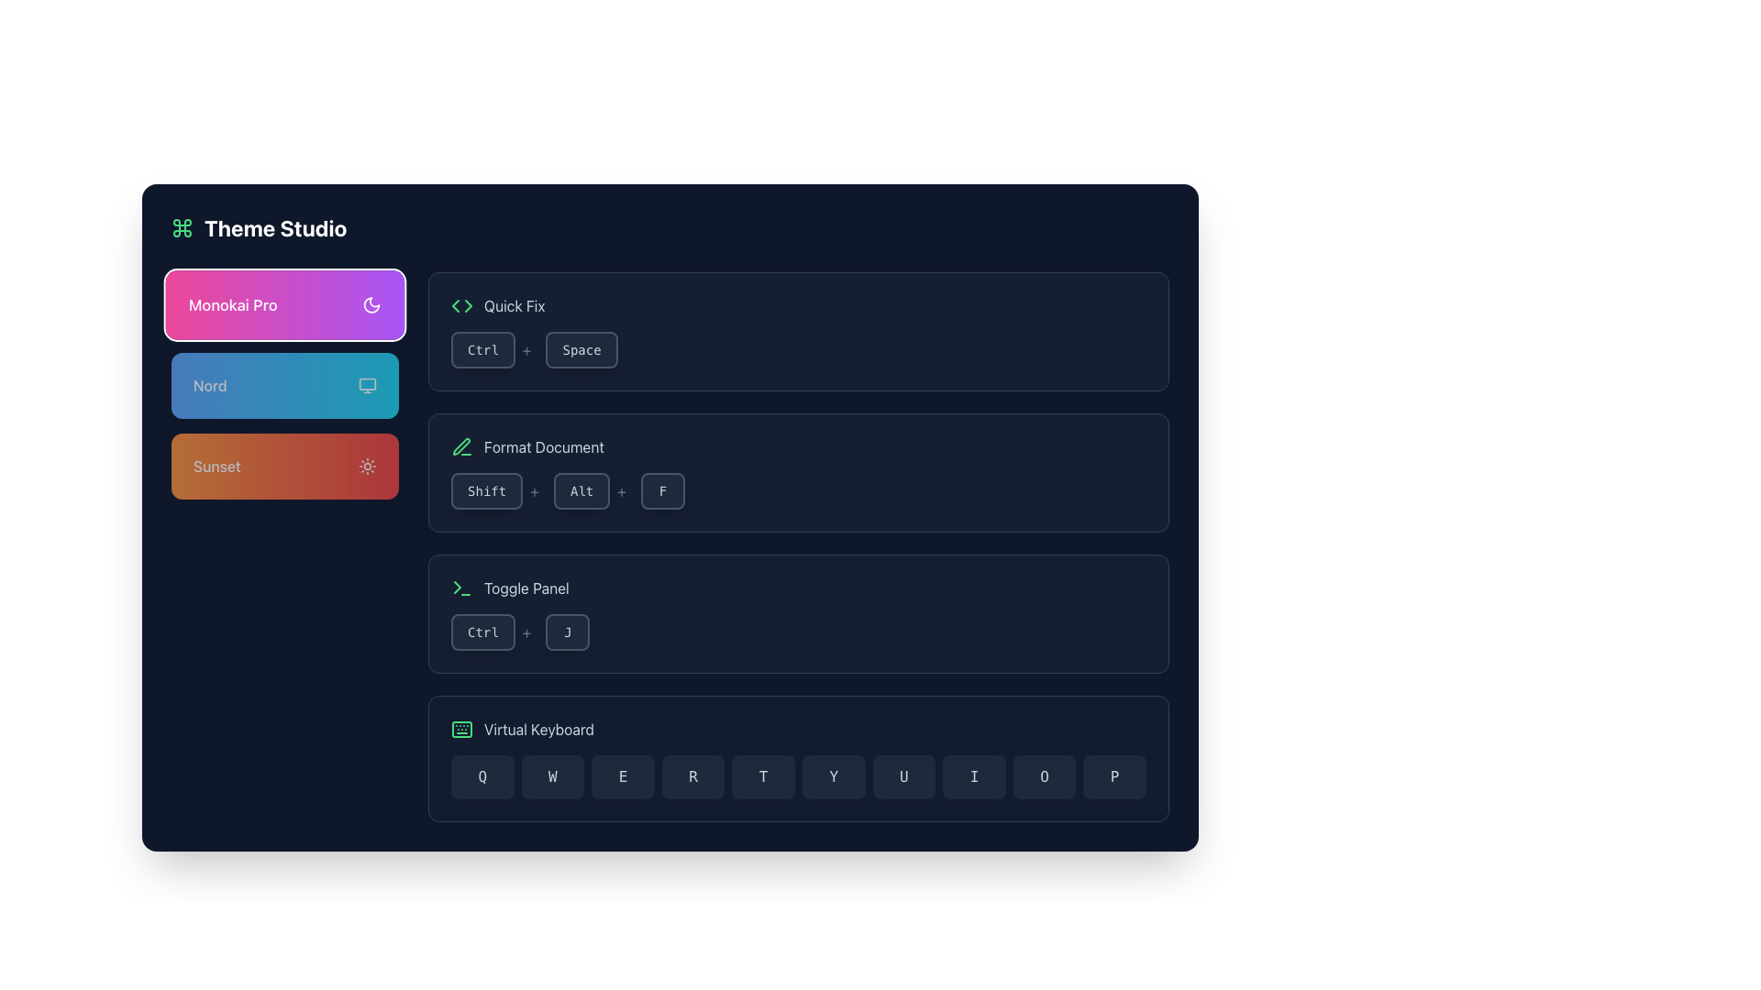 This screenshot has height=990, width=1761. What do you see at coordinates (210, 384) in the screenshot?
I see `the text label 'Nord', which is displayed in white on a blue rectangular background, located within the second button on the left side of the interface` at bounding box center [210, 384].